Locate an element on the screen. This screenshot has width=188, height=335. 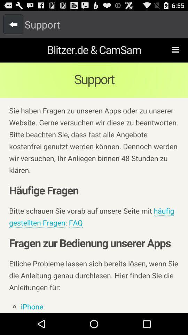
previous is located at coordinates (13, 24).